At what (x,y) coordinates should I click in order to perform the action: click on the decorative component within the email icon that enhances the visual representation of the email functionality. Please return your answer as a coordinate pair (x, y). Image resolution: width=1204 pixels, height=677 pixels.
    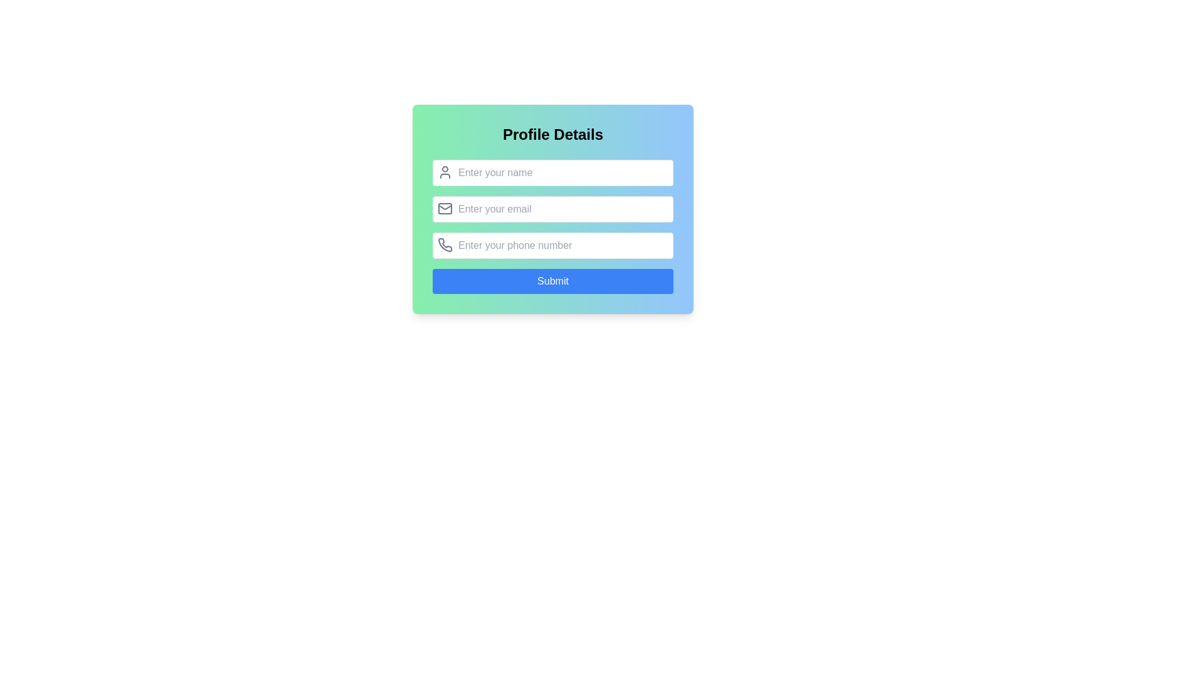
    Looking at the image, I should click on (445, 207).